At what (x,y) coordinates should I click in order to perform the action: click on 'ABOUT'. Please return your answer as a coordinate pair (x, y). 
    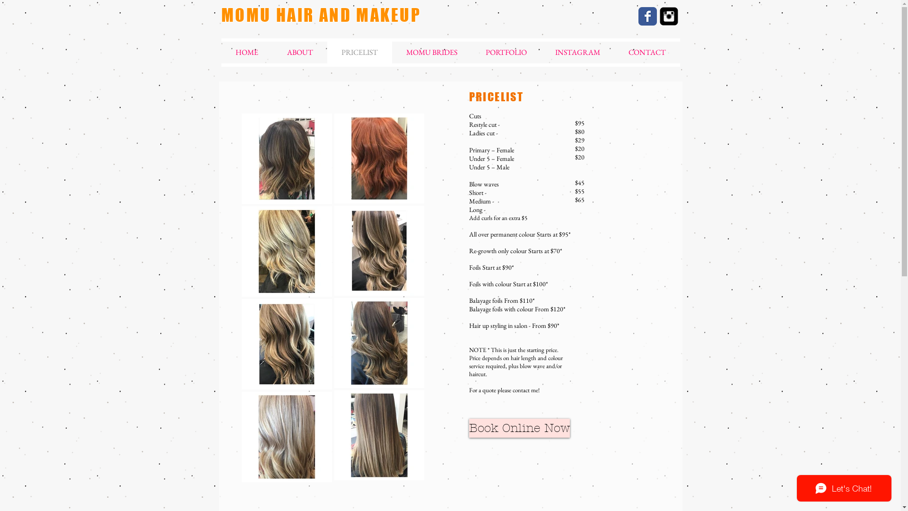
    Looking at the image, I should click on (299, 53).